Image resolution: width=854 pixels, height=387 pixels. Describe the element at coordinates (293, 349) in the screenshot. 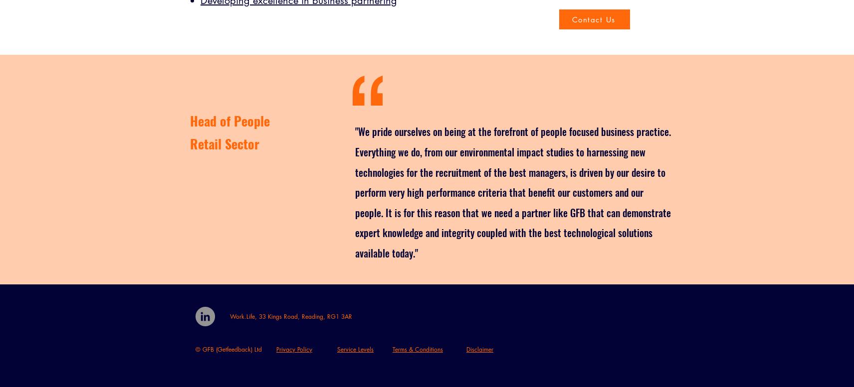

I see `'Privacy Policy'` at that location.